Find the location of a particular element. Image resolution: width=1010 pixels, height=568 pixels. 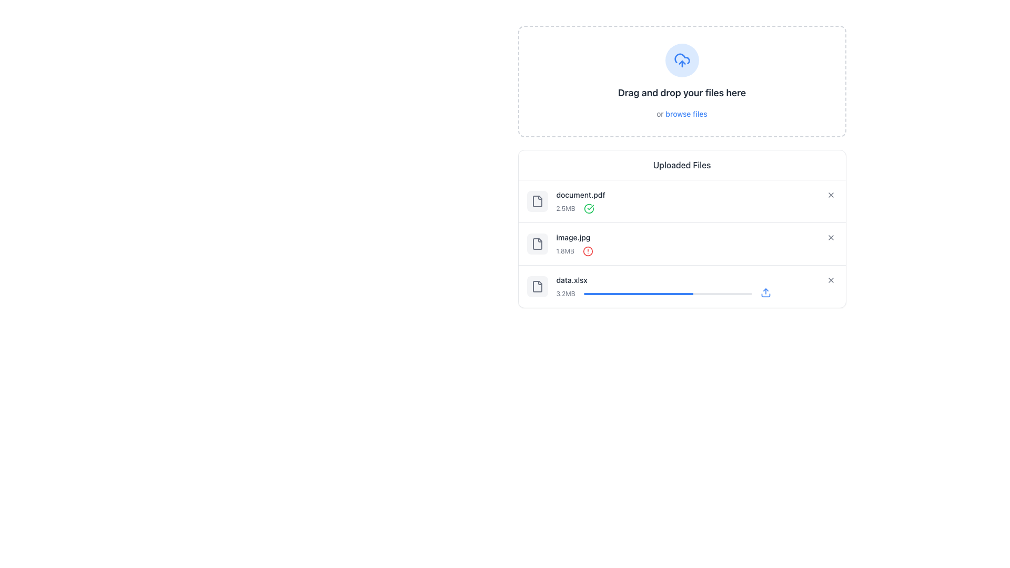

the cloud shape graphical decoration in the cloud upload icon located in the top-right corner of the interface is located at coordinates (682, 58).